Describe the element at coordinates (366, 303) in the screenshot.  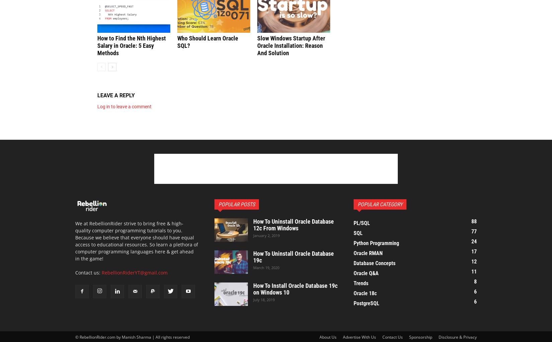
I see `'PostgreSQL'` at that location.